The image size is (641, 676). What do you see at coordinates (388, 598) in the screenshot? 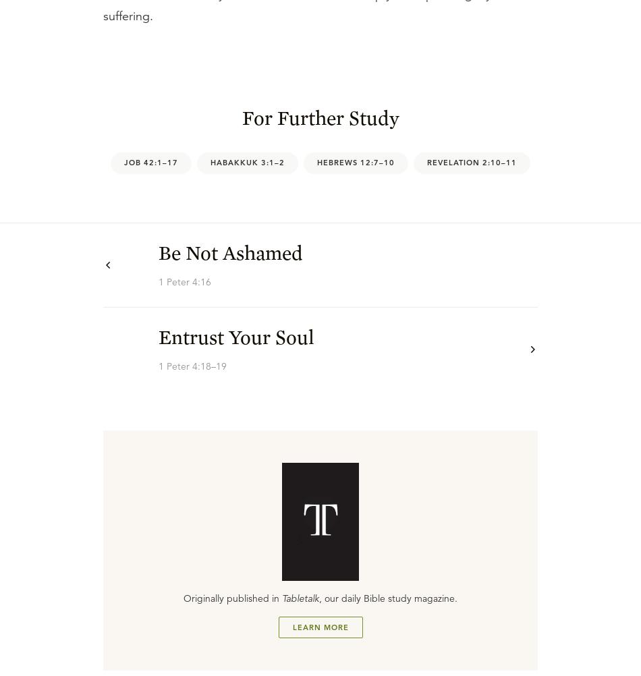
I see `', our daily Bible study magazine.'` at bounding box center [388, 598].